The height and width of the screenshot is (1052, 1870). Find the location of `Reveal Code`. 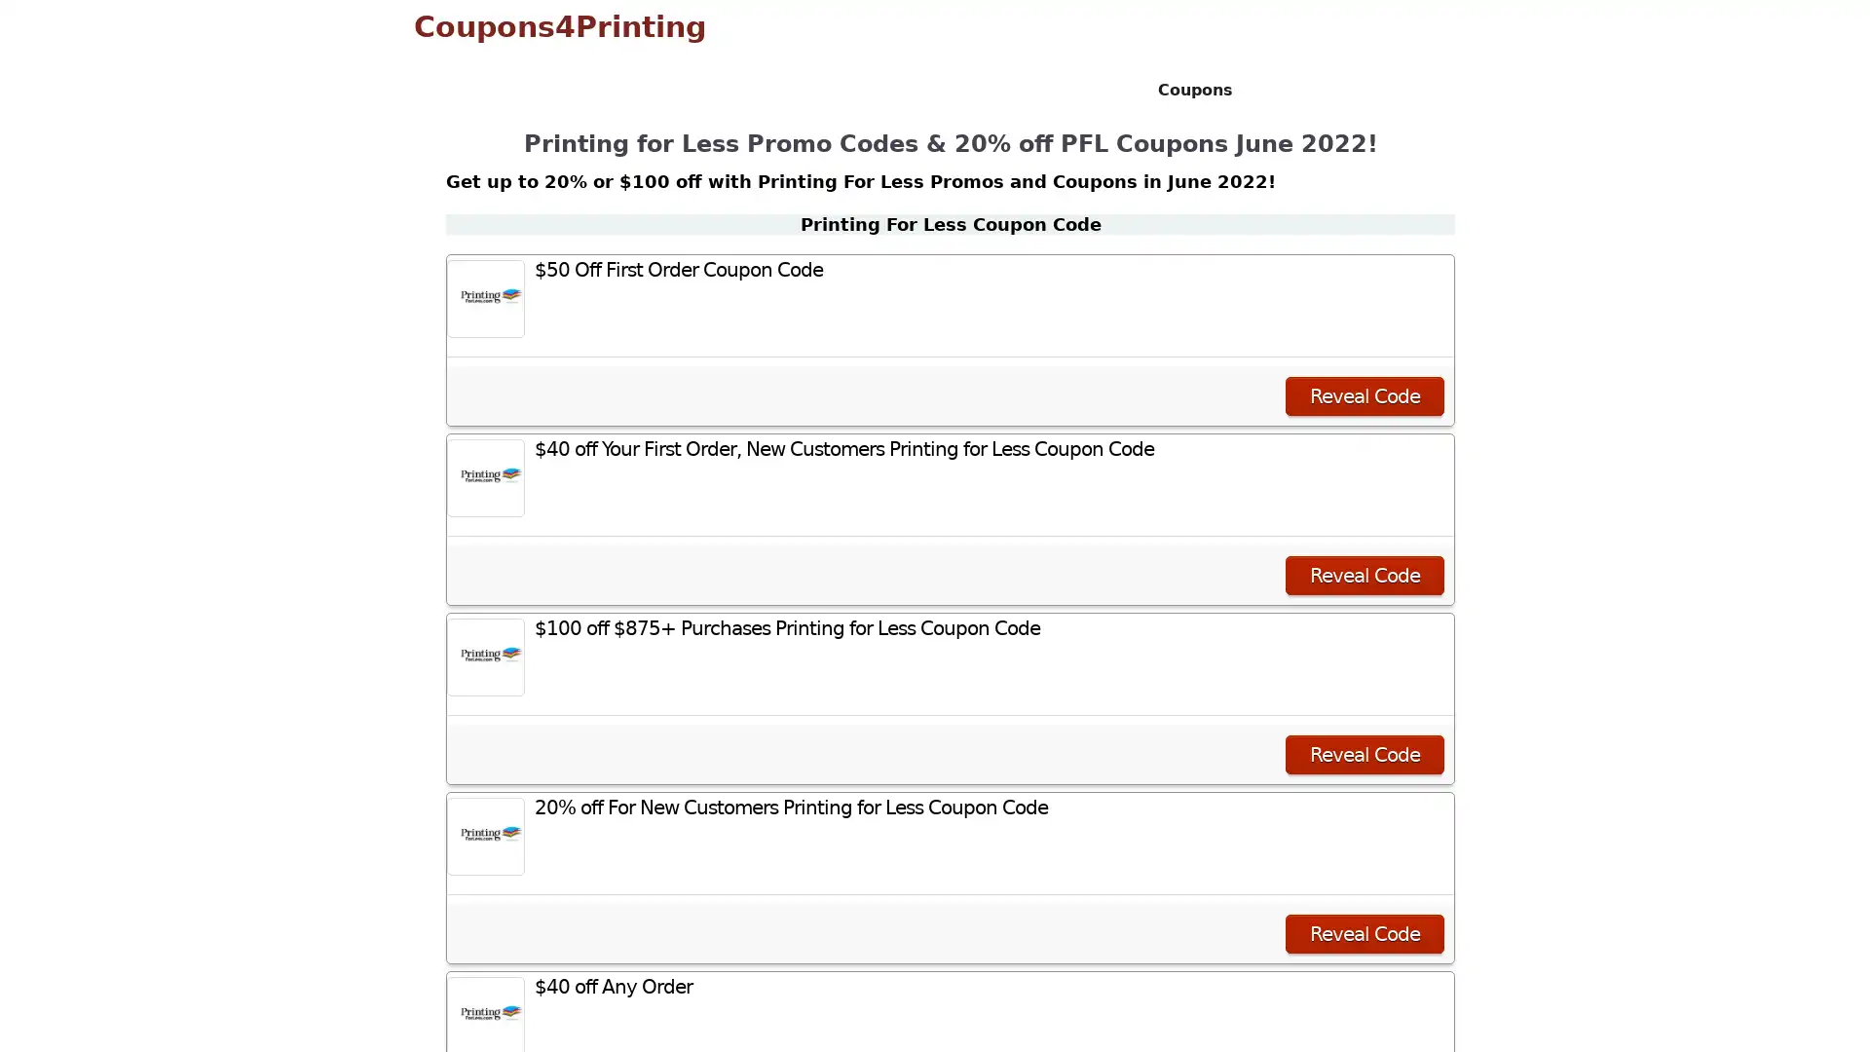

Reveal Code is located at coordinates (1364, 395).